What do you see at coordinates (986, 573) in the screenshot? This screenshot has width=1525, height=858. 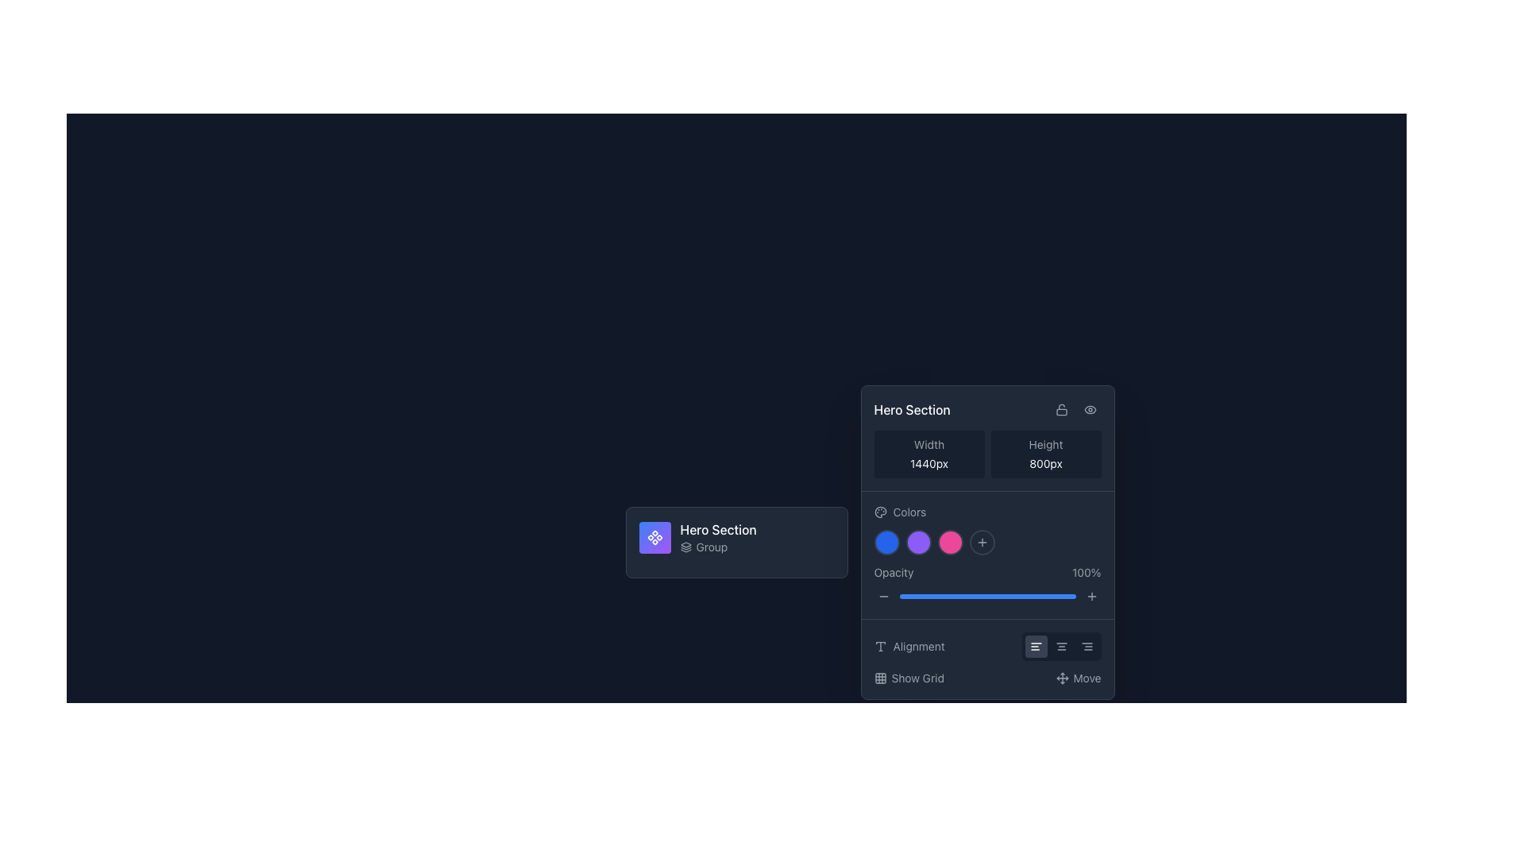 I see `the Text display element that shows 'Opacity' on the left and '100%' on the right, located in the settings panel above the horizontal slider` at bounding box center [986, 573].